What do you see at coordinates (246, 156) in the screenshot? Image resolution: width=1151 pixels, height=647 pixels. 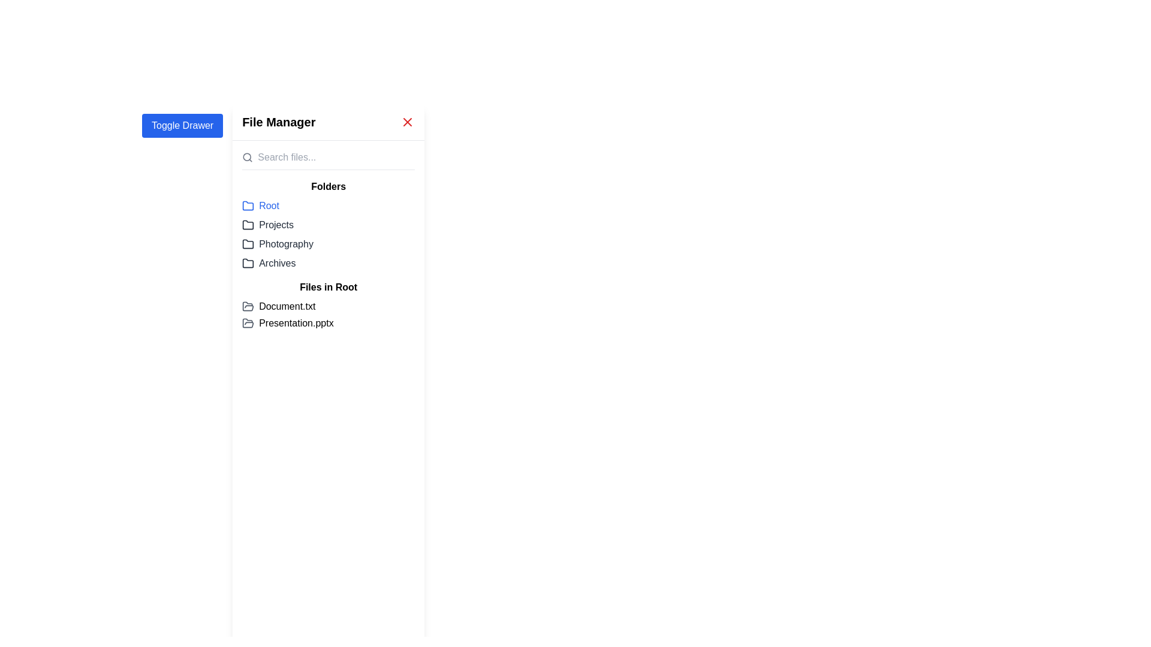 I see `the central circular component of the search icon in the header area of the interface, which is styled in a minimalist vector design and represents a part of an SVG structure` at bounding box center [246, 156].